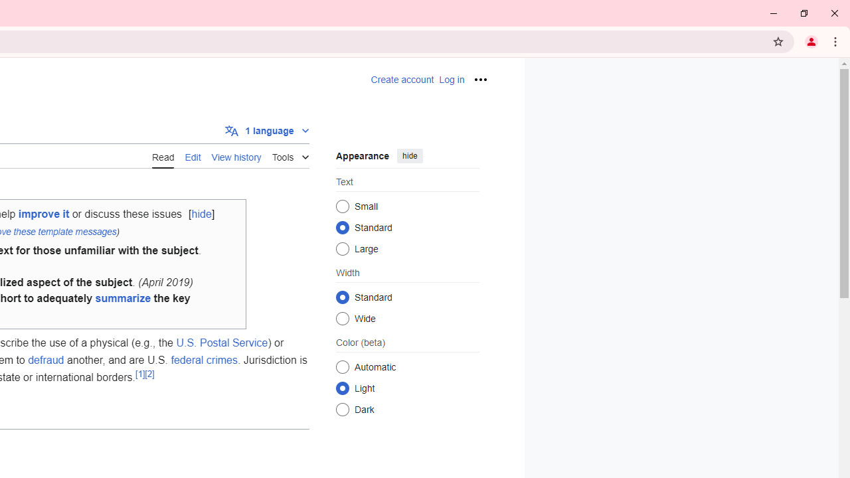  I want to click on 'defraud', so click(46, 359).